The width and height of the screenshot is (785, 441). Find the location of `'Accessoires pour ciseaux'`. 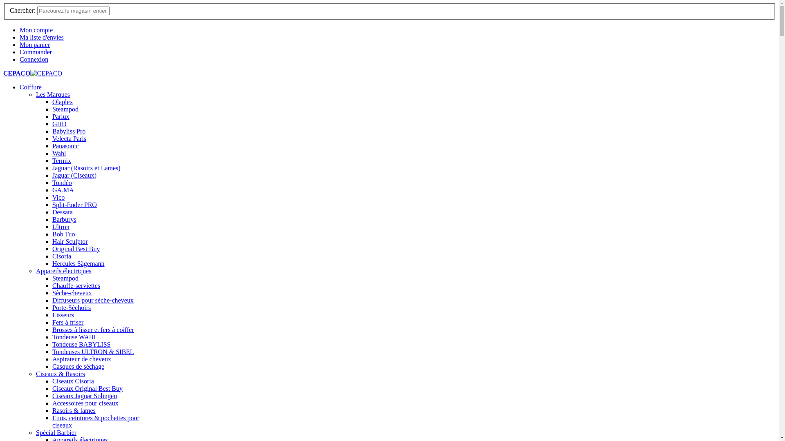

'Accessoires pour ciseaux' is located at coordinates (85, 403).